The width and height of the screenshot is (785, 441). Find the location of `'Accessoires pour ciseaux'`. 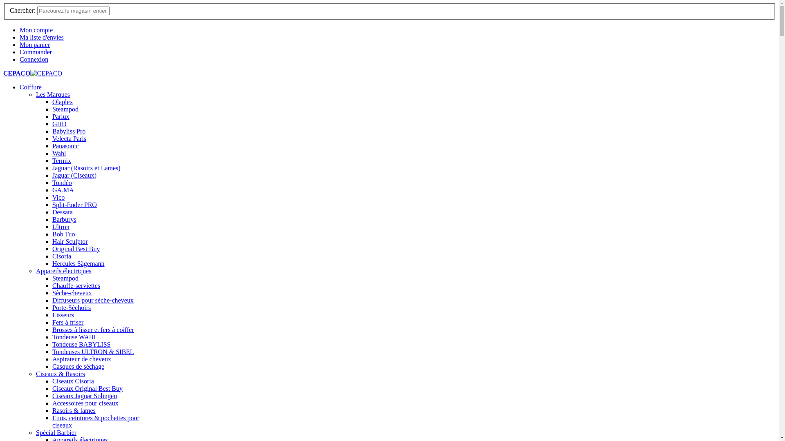

'Accessoires pour ciseaux' is located at coordinates (85, 403).